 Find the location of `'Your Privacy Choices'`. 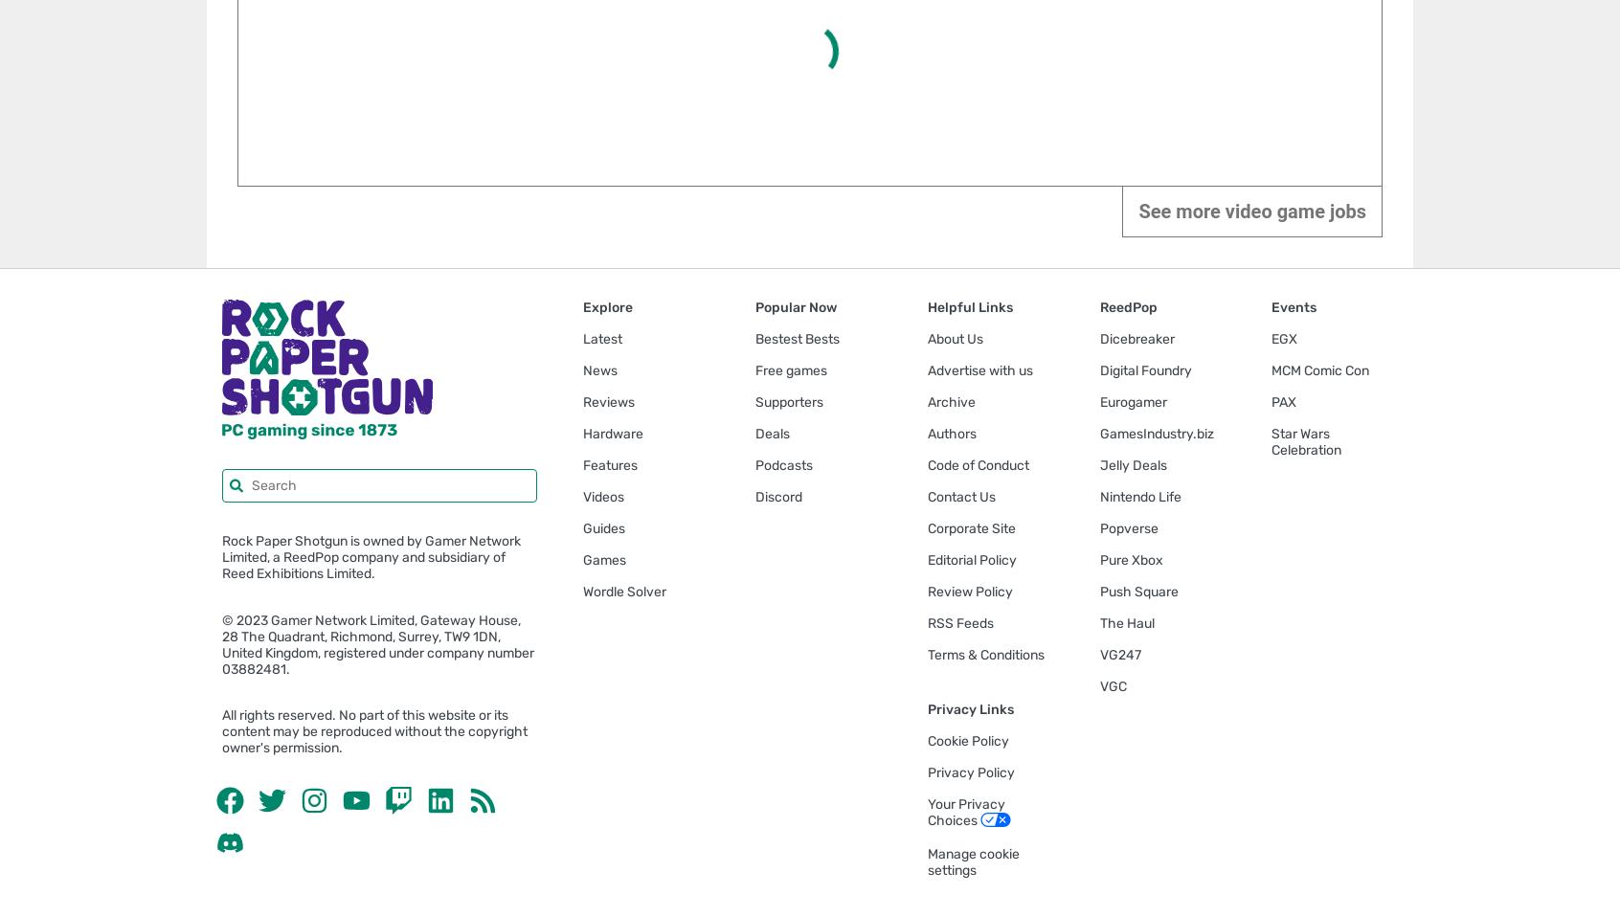

'Your Privacy Choices' is located at coordinates (964, 811).